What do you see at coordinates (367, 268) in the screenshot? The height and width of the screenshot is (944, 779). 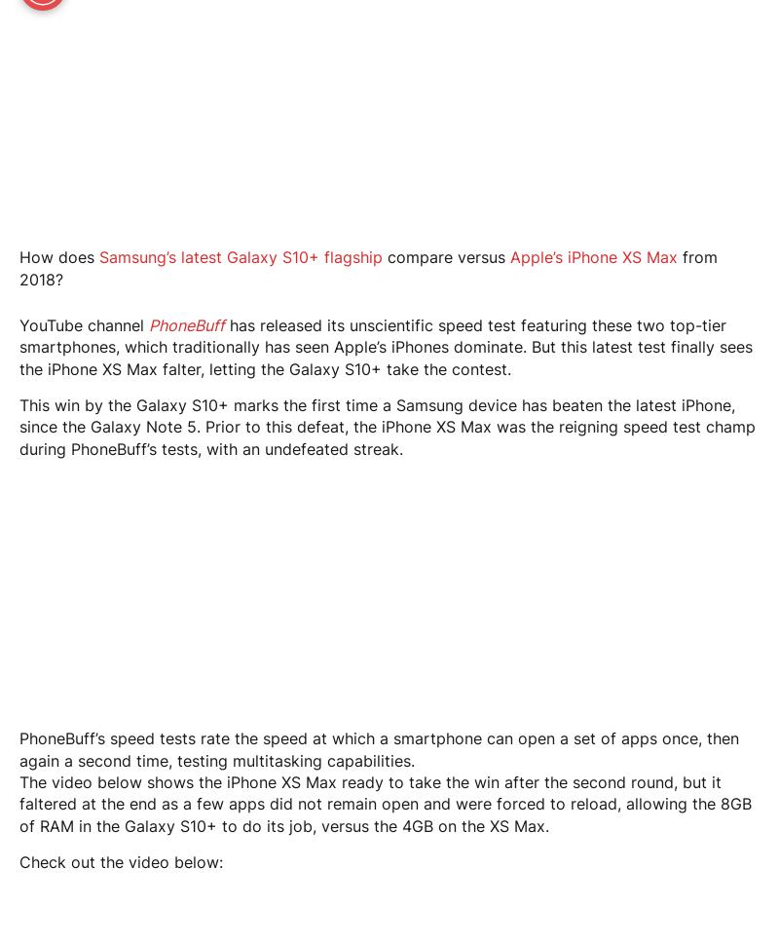 I see `'from 2018?'` at bounding box center [367, 268].